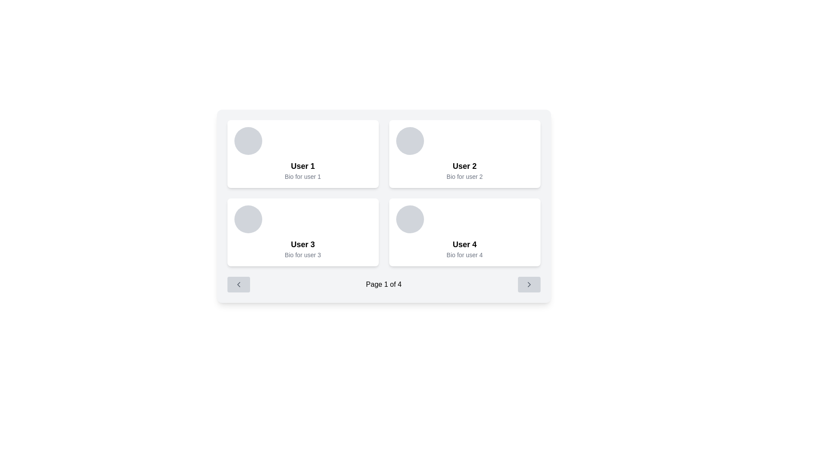  Describe the element at coordinates (303, 232) in the screenshot. I see `the Profile Card displaying 'User 3' with a white background and rounded corners, located in the bottom-left of a 2x2 grid layout` at that location.